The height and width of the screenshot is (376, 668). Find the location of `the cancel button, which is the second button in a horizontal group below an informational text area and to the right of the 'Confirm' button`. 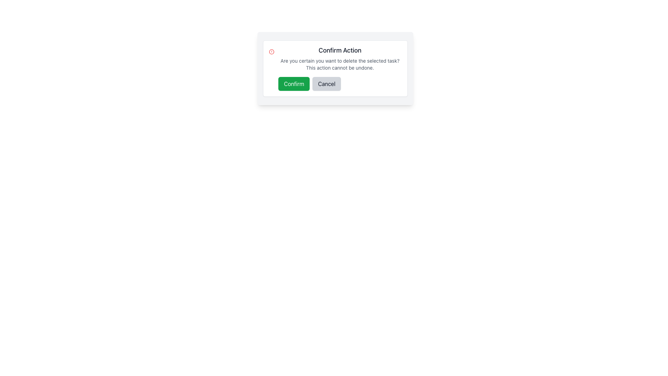

the cancel button, which is the second button in a horizontal group below an informational text area and to the right of the 'Confirm' button is located at coordinates (326, 83).